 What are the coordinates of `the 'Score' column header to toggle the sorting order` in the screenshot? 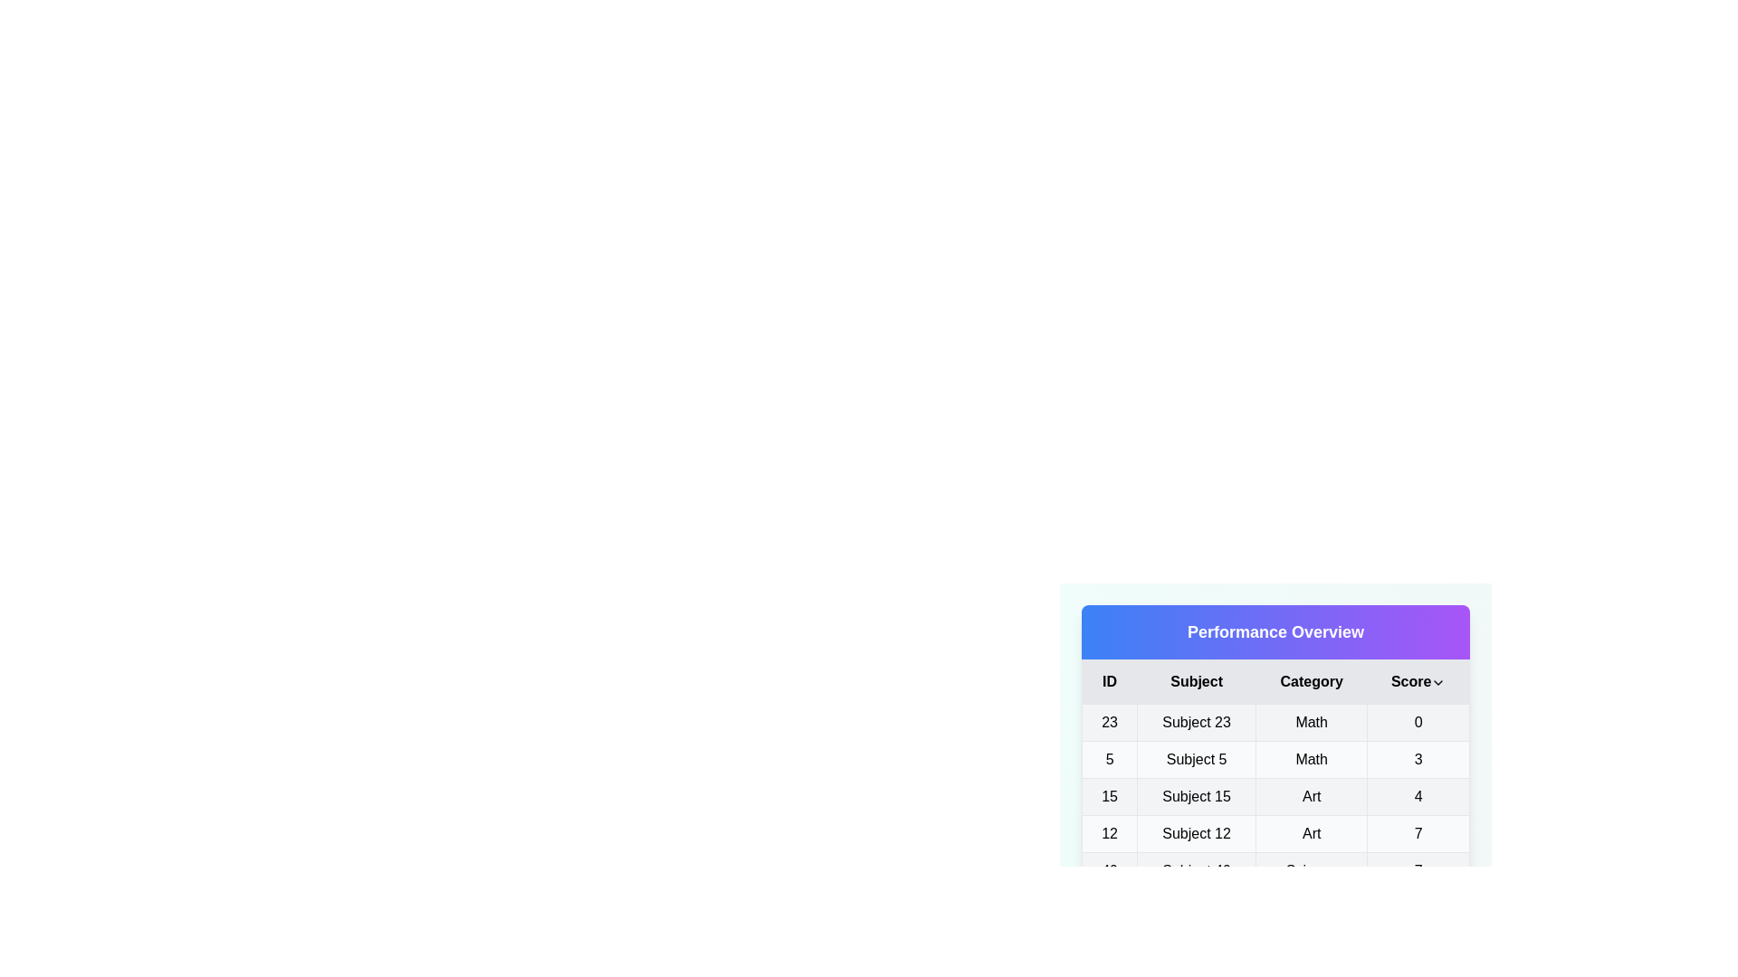 It's located at (1418, 681).